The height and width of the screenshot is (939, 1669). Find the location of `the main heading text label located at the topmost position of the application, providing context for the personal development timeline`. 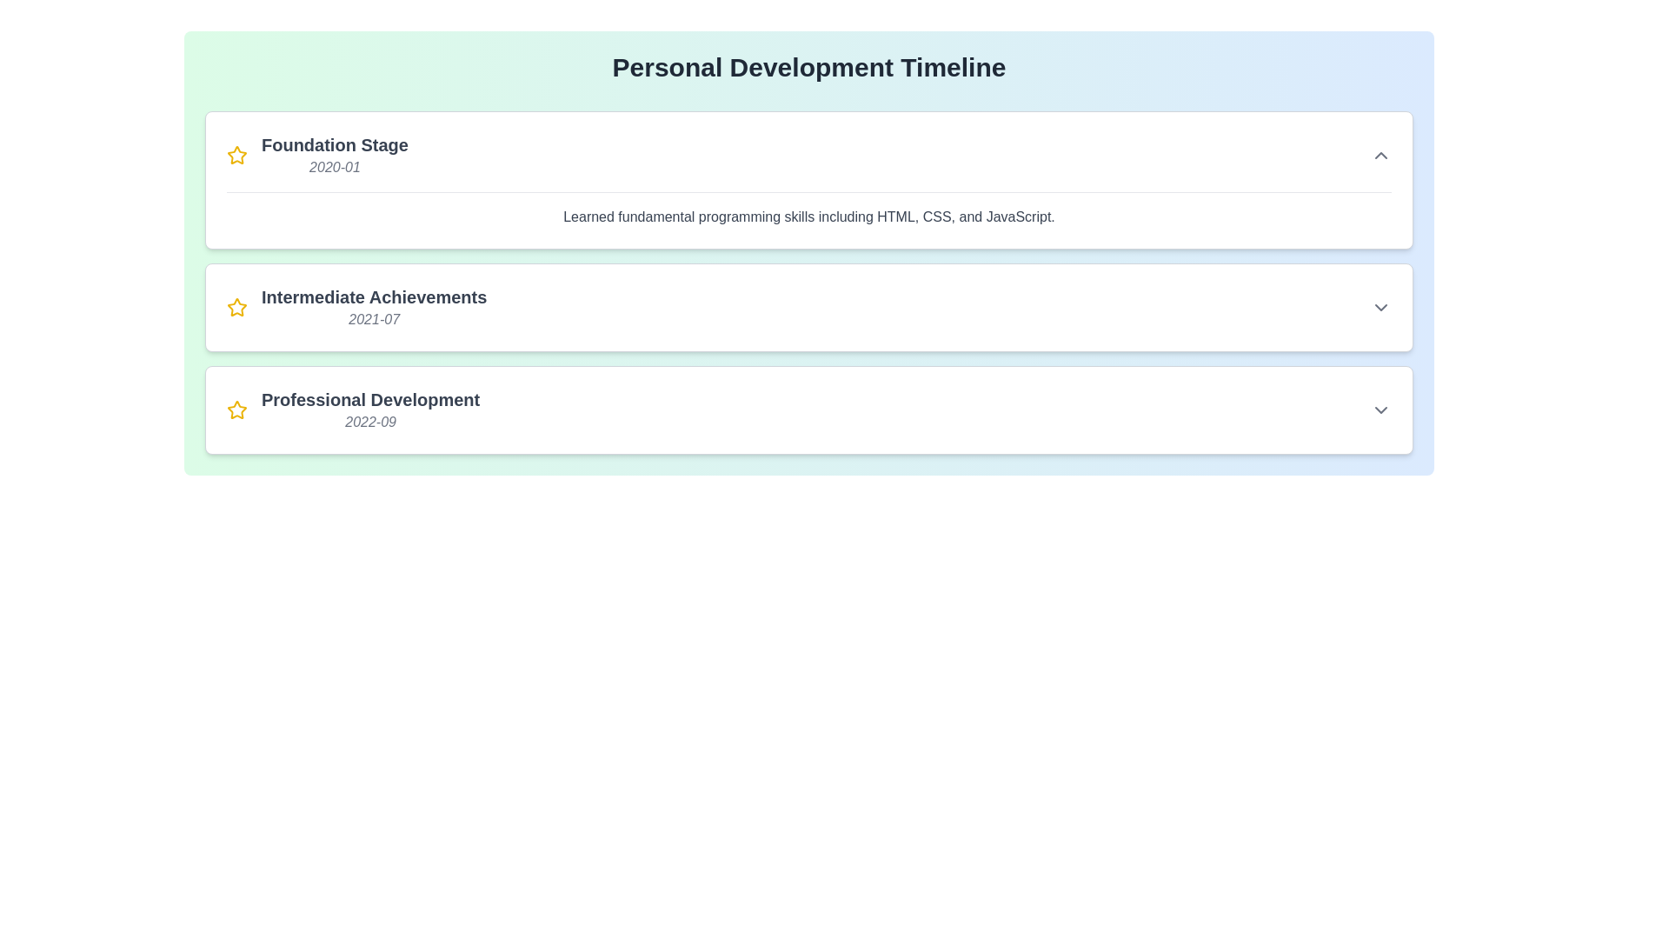

the main heading text label located at the topmost position of the application, providing context for the personal development timeline is located at coordinates (808, 66).